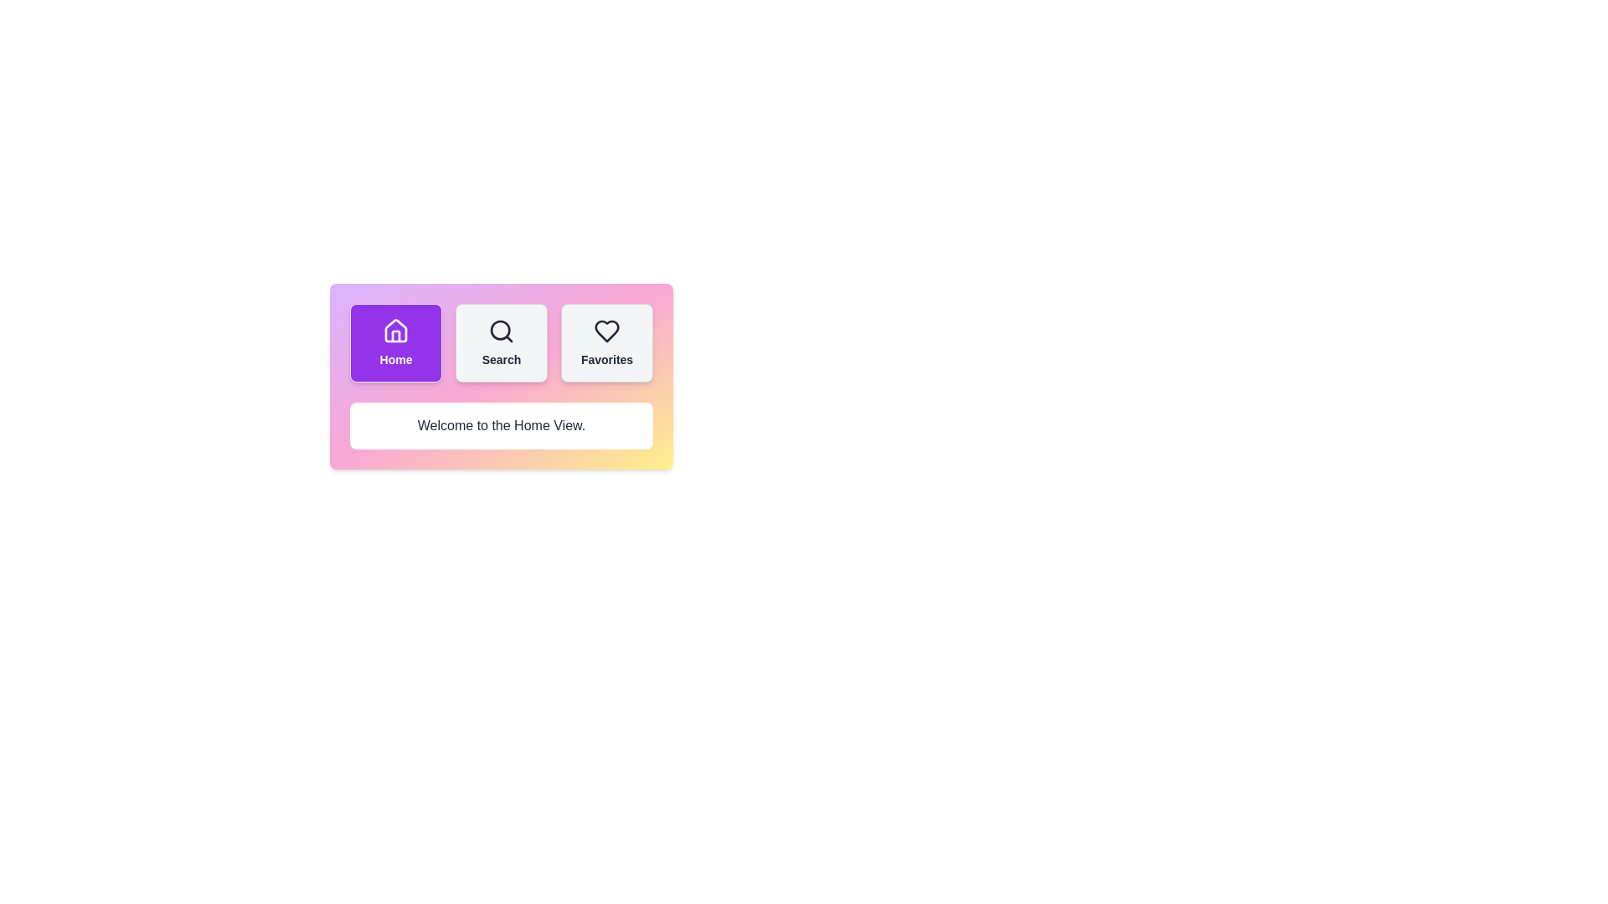 The width and height of the screenshot is (1608, 904). I want to click on the purple rectangular button labeled 'Home', so click(395, 342).